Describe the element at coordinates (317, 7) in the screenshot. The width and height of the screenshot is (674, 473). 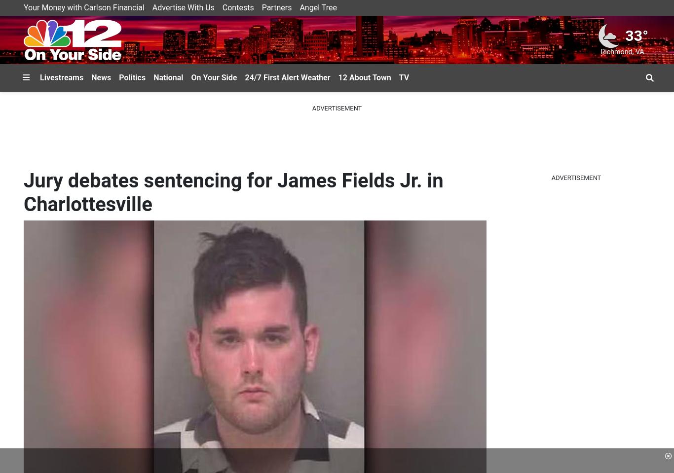
I see `'Angel Tree'` at that location.